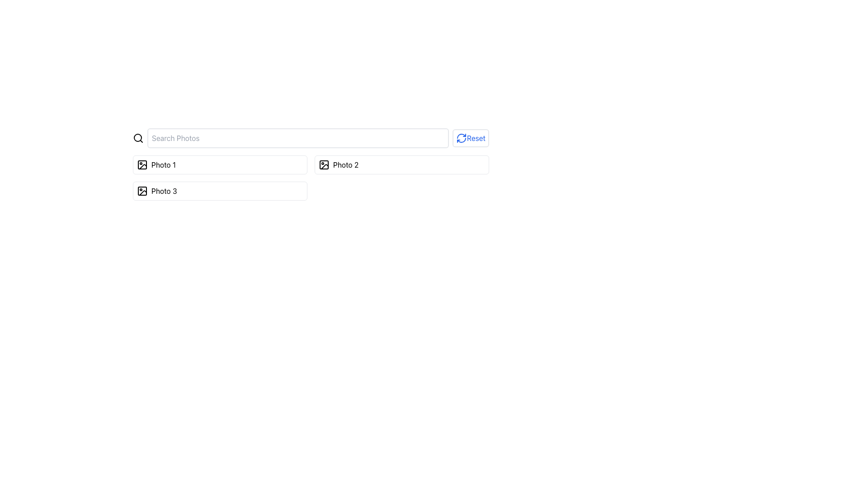 Image resolution: width=868 pixels, height=488 pixels. What do you see at coordinates (401, 165) in the screenshot?
I see `the second button in a series of three that interacts with 'Photo 2'` at bounding box center [401, 165].